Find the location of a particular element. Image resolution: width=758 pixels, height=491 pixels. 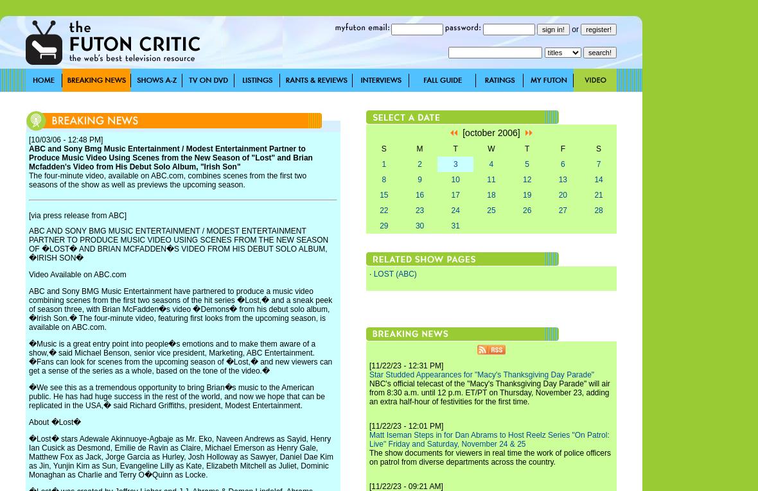

'2' is located at coordinates (419, 164).